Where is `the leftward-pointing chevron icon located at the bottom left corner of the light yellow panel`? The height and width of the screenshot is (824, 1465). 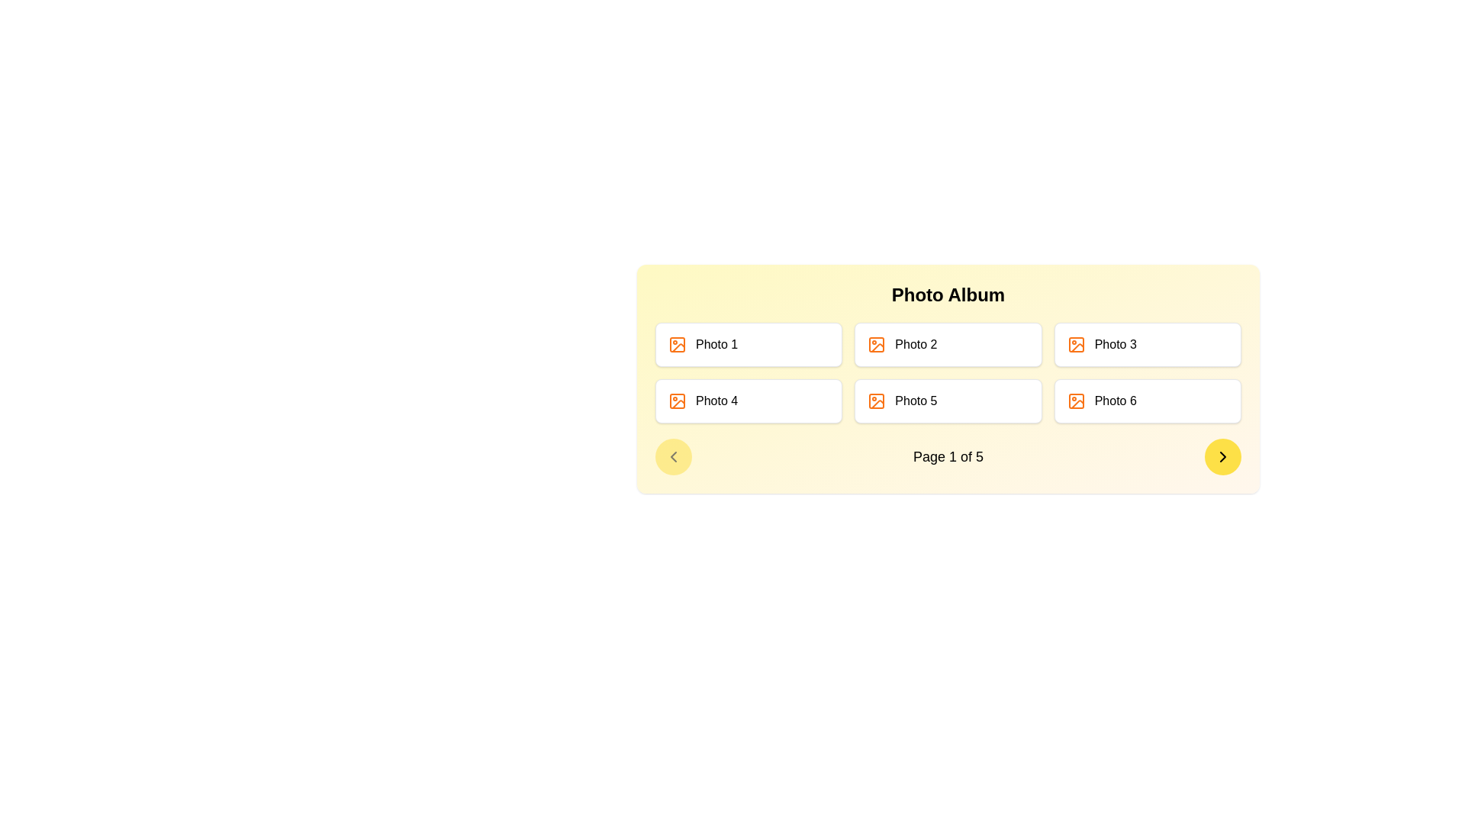 the leftward-pointing chevron icon located at the bottom left corner of the light yellow panel is located at coordinates (673, 455).